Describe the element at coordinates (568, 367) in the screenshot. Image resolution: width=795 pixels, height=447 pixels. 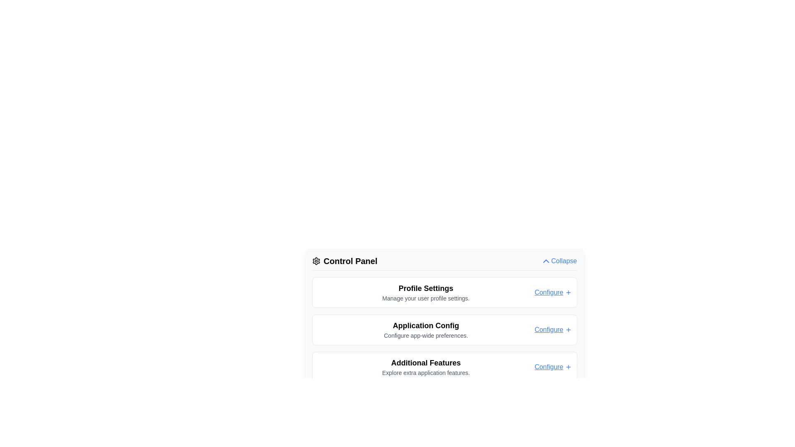
I see `the '+' icon located immediately to the right of the 'Configure' link in the 'Additional Features' section` at that location.